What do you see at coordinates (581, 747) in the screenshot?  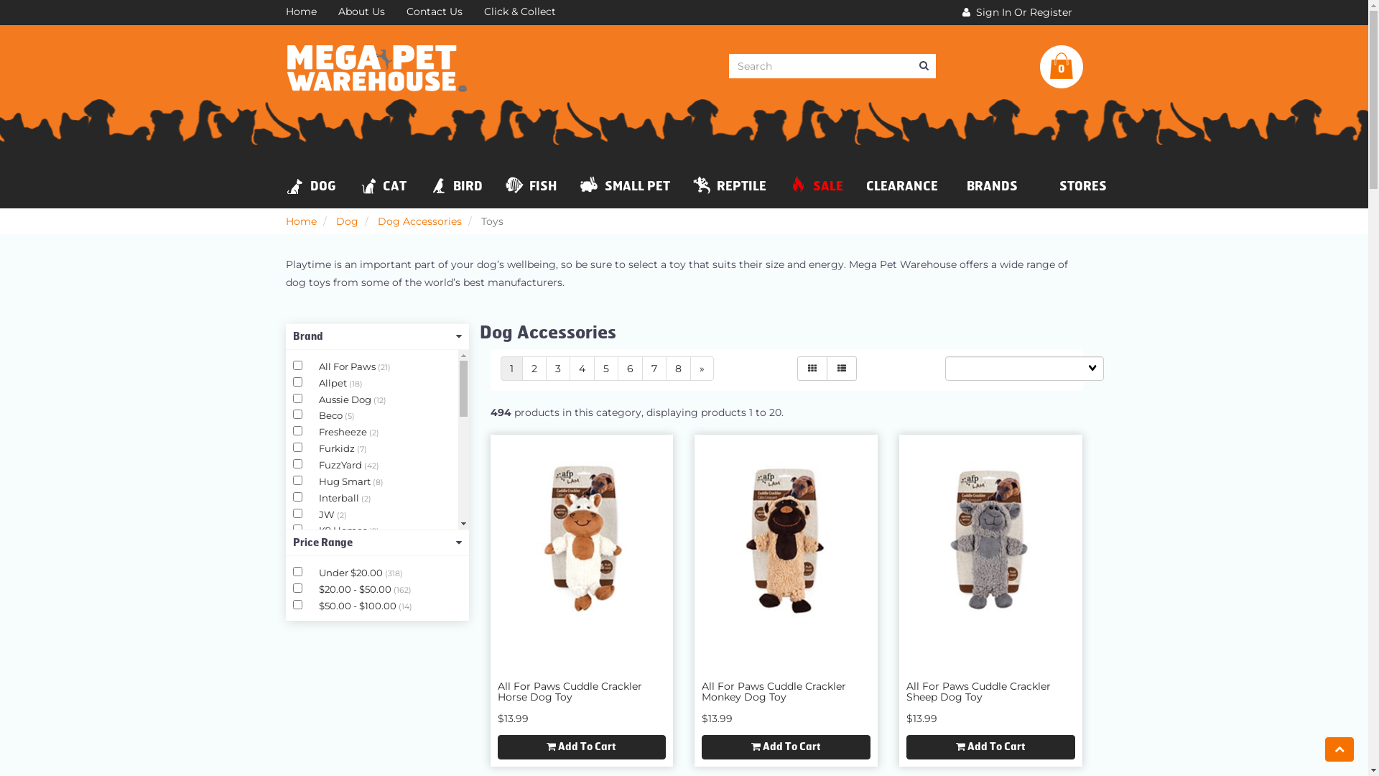 I see `'Add To Cart'` at bounding box center [581, 747].